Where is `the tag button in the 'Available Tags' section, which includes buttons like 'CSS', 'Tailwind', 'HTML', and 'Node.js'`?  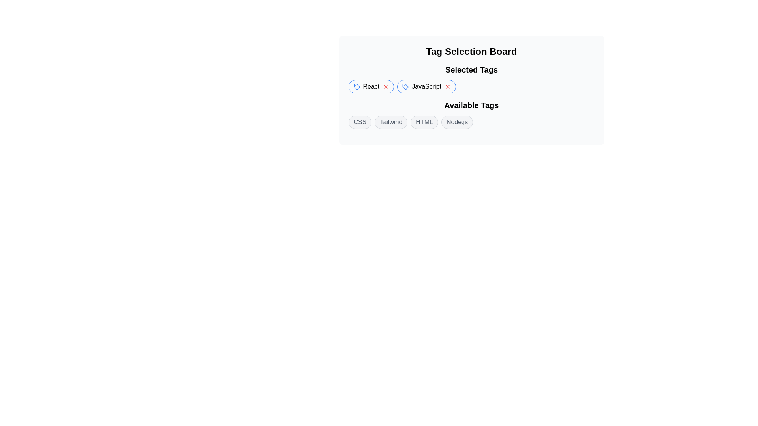 the tag button in the 'Available Tags' section, which includes buttons like 'CSS', 'Tailwind', 'HTML', and 'Node.js' is located at coordinates (471, 114).